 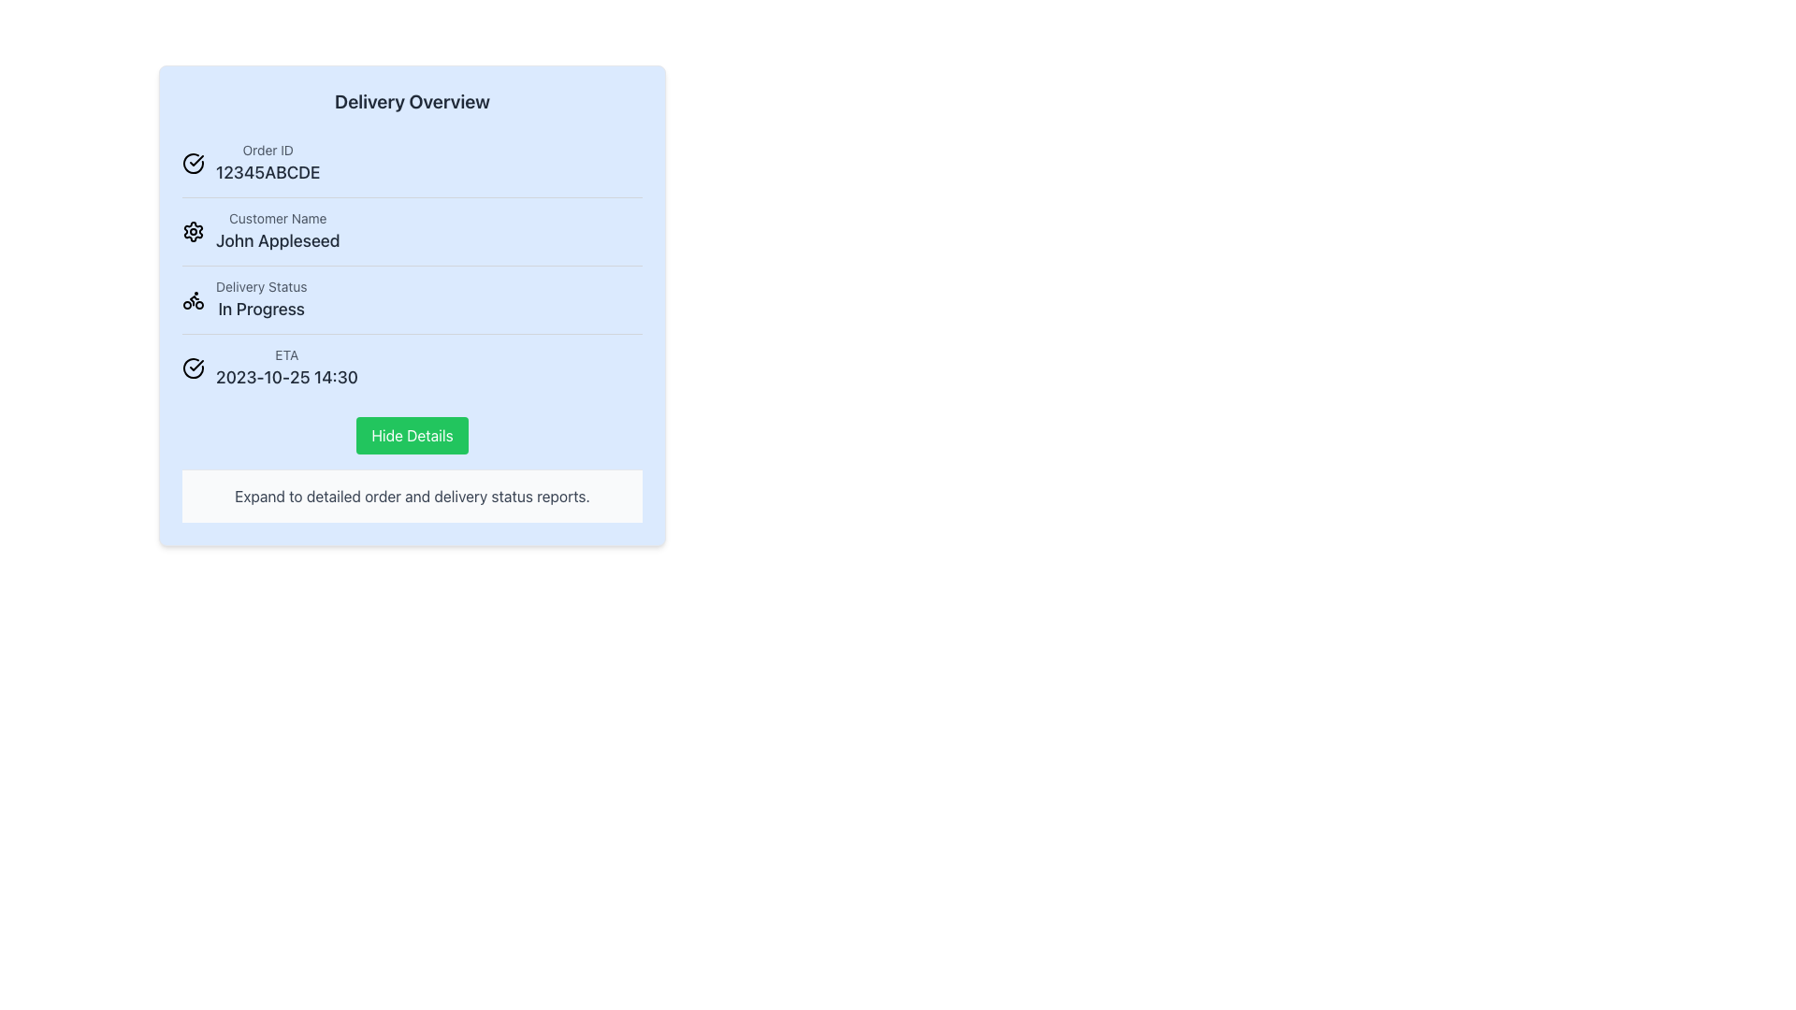 What do you see at coordinates (260, 298) in the screenshot?
I see `the Text Display element that conveys the current delivery state of a shipment, located in the third row of the 'Delivery Overview' card, between the 'Customer Name' and 'ETA' sections` at bounding box center [260, 298].